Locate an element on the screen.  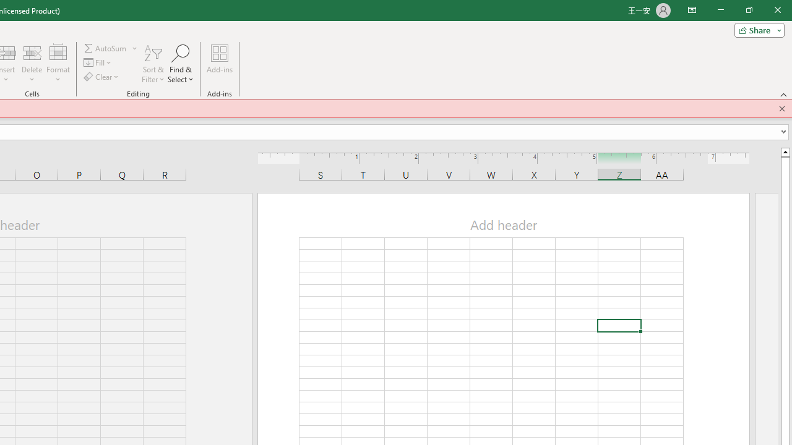
'Fill' is located at coordinates (98, 62).